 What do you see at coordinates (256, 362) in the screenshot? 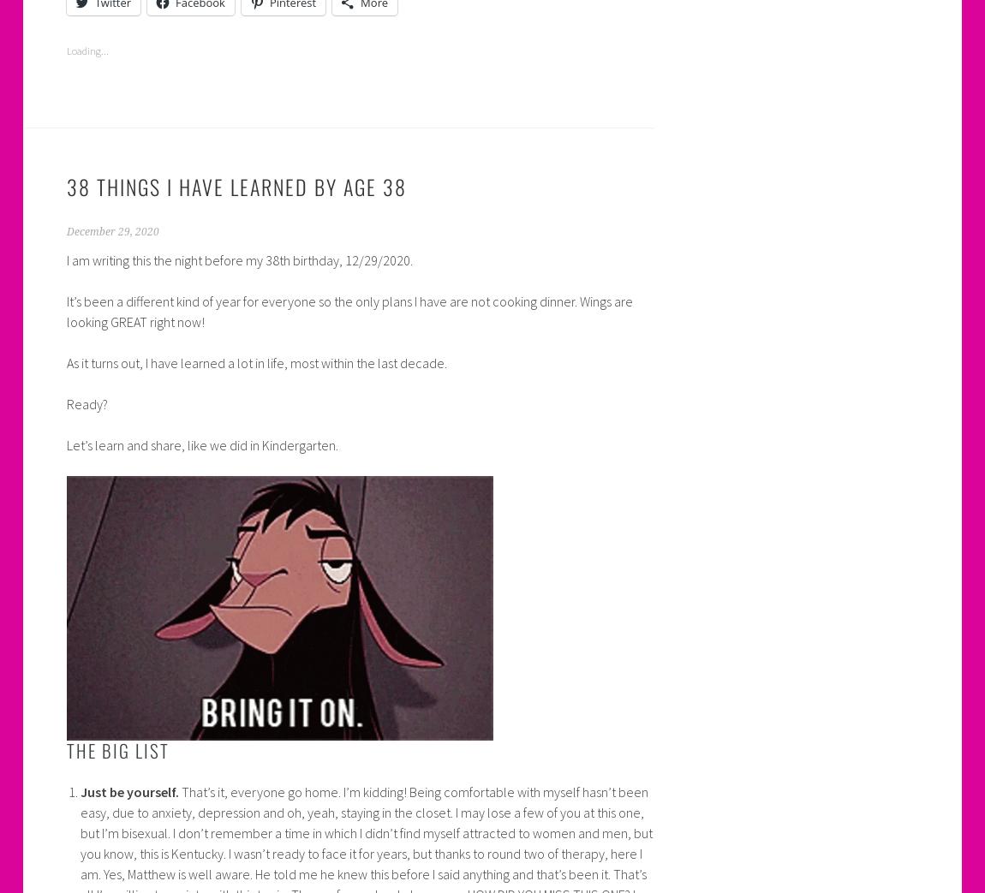
I see `'As it turns out, I have learned a lot in life, most within the last decade.'` at bounding box center [256, 362].